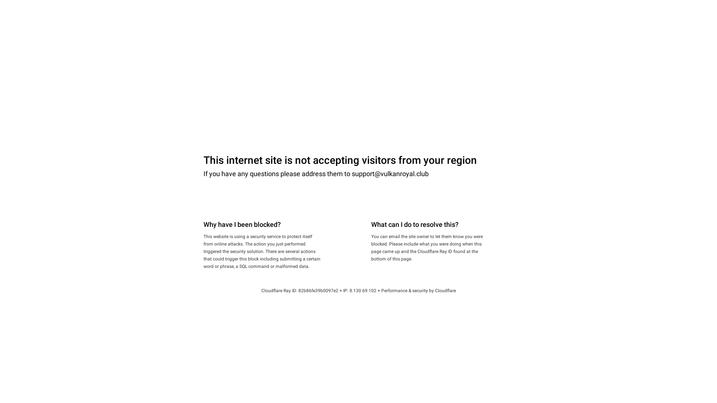 This screenshot has width=717, height=403. What do you see at coordinates (445, 290) in the screenshot?
I see `'Cloudflare'` at bounding box center [445, 290].